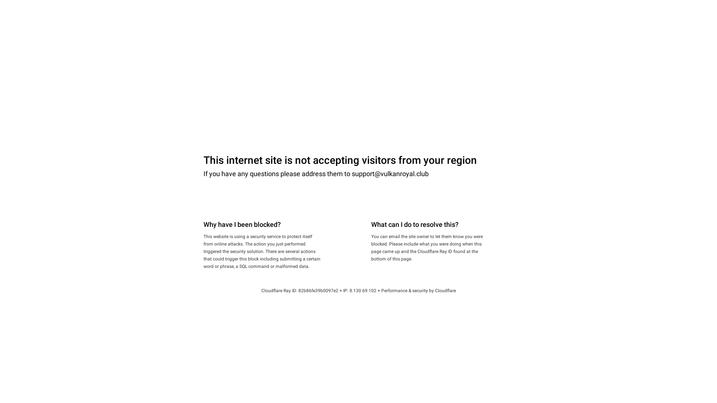 This screenshot has width=717, height=403. What do you see at coordinates (445, 290) in the screenshot?
I see `'Cloudflare'` at bounding box center [445, 290].